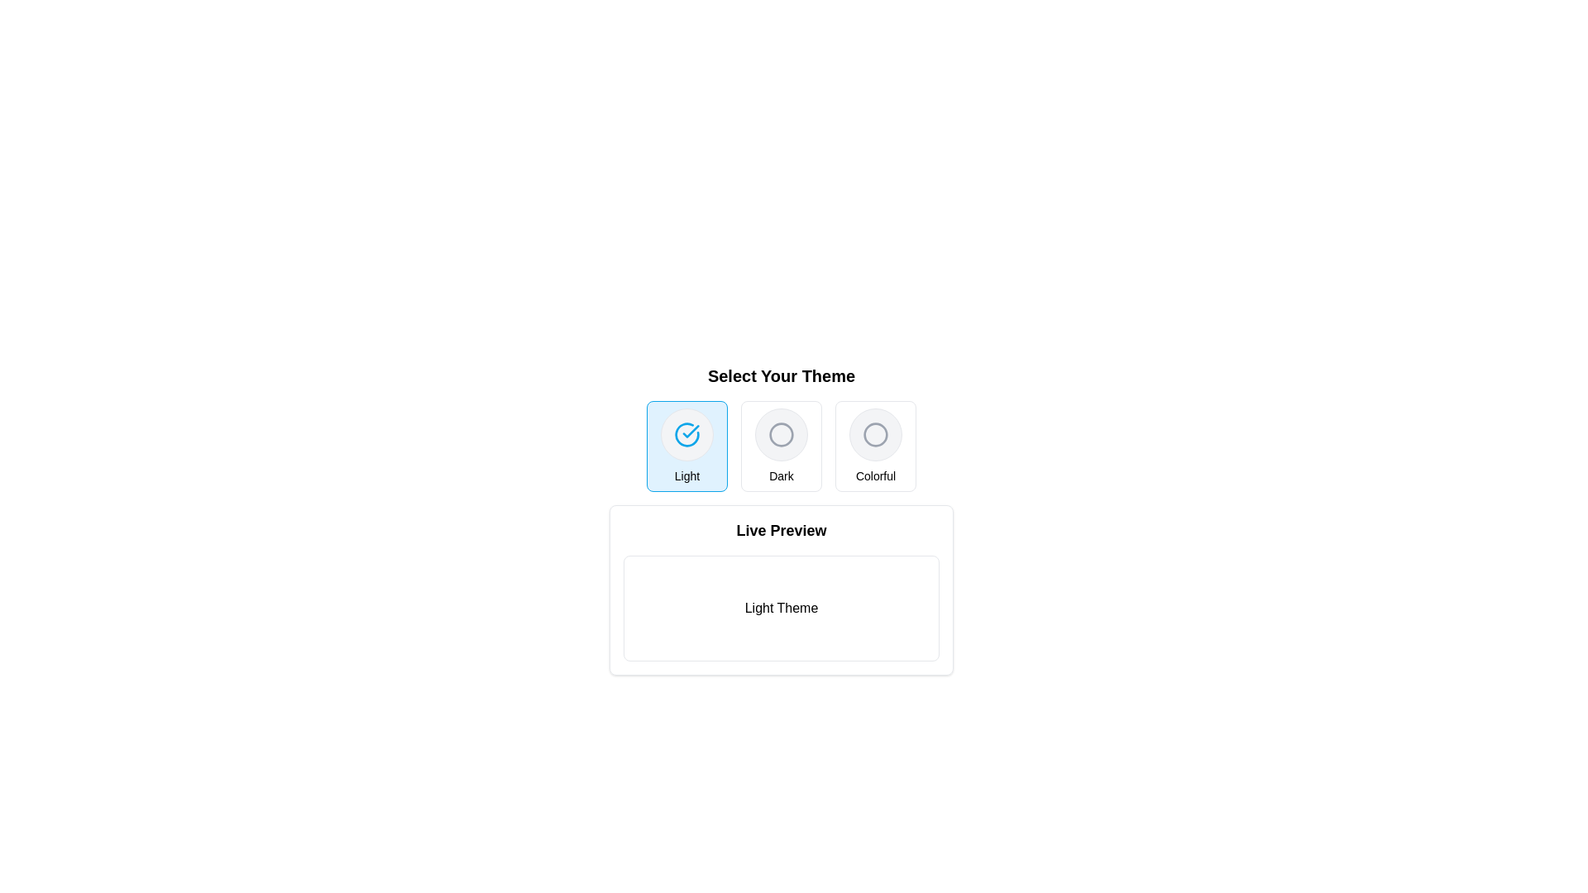 The image size is (1588, 893). I want to click on the 'Dark' theme icon, which is the centerpiece within the middle theme selection option, so click(781, 433).